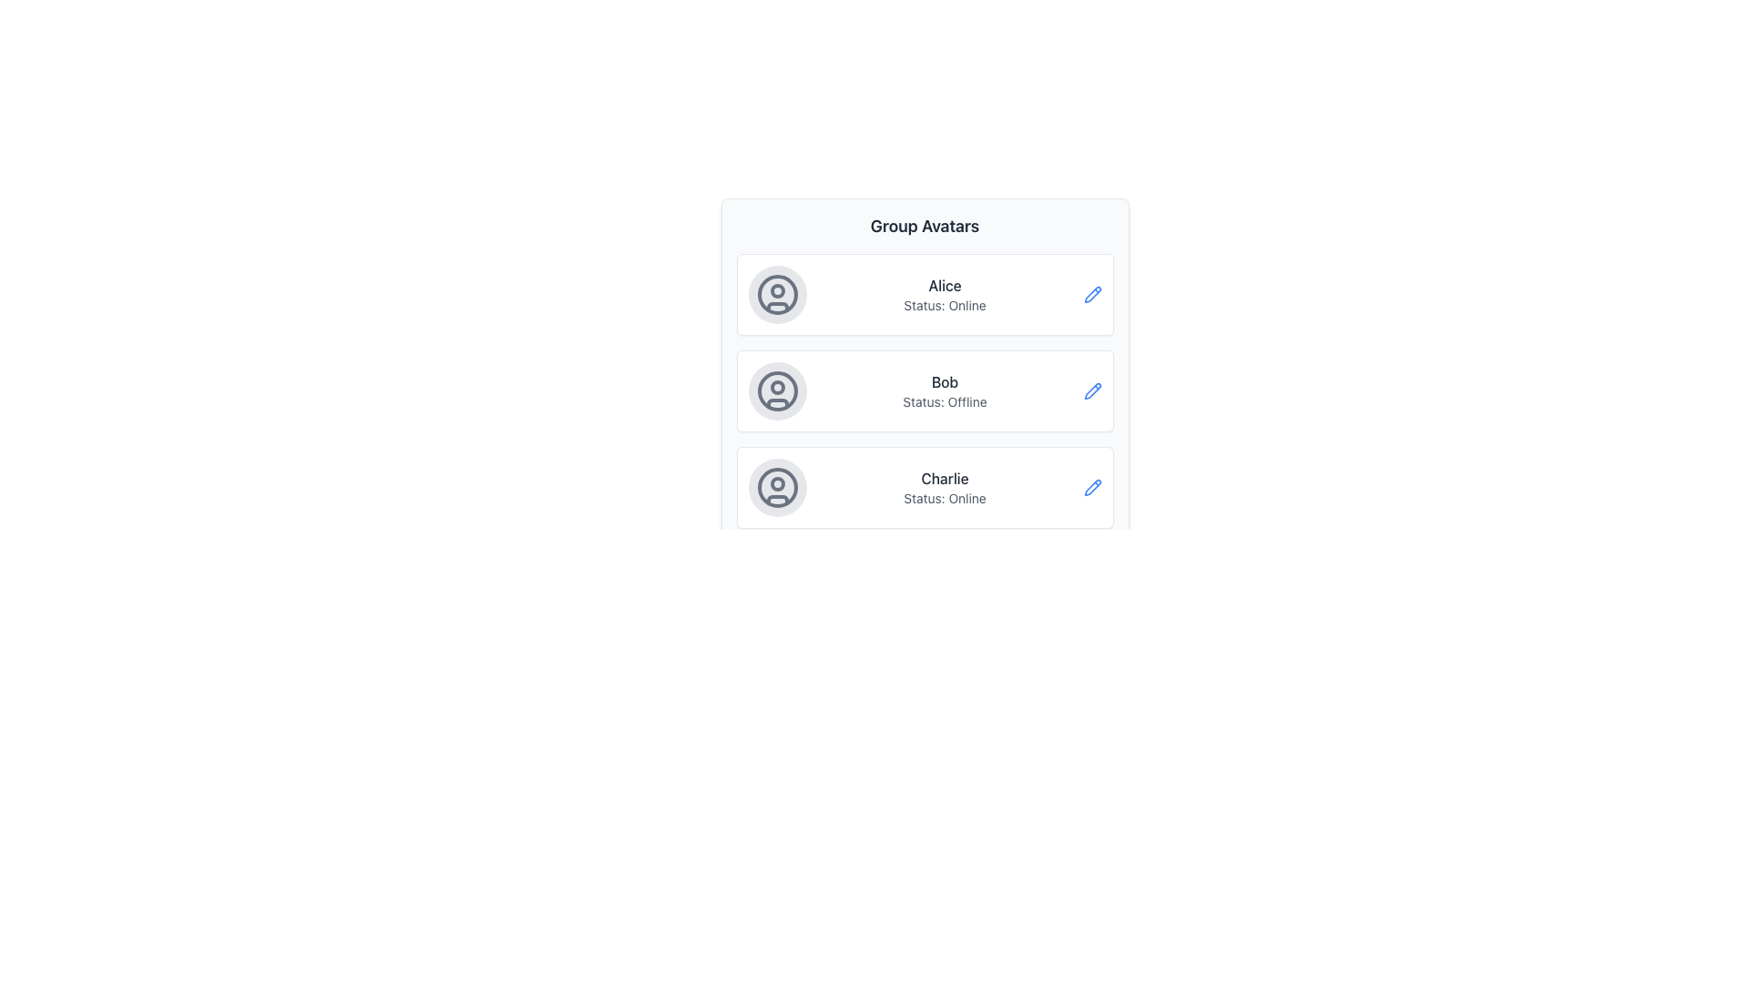  What do you see at coordinates (925, 294) in the screenshot?
I see `the first list item labeled 'Alice' in the 'Group Avatars' section, which features a user avatar icon and text indicating 'Status: Online'` at bounding box center [925, 294].